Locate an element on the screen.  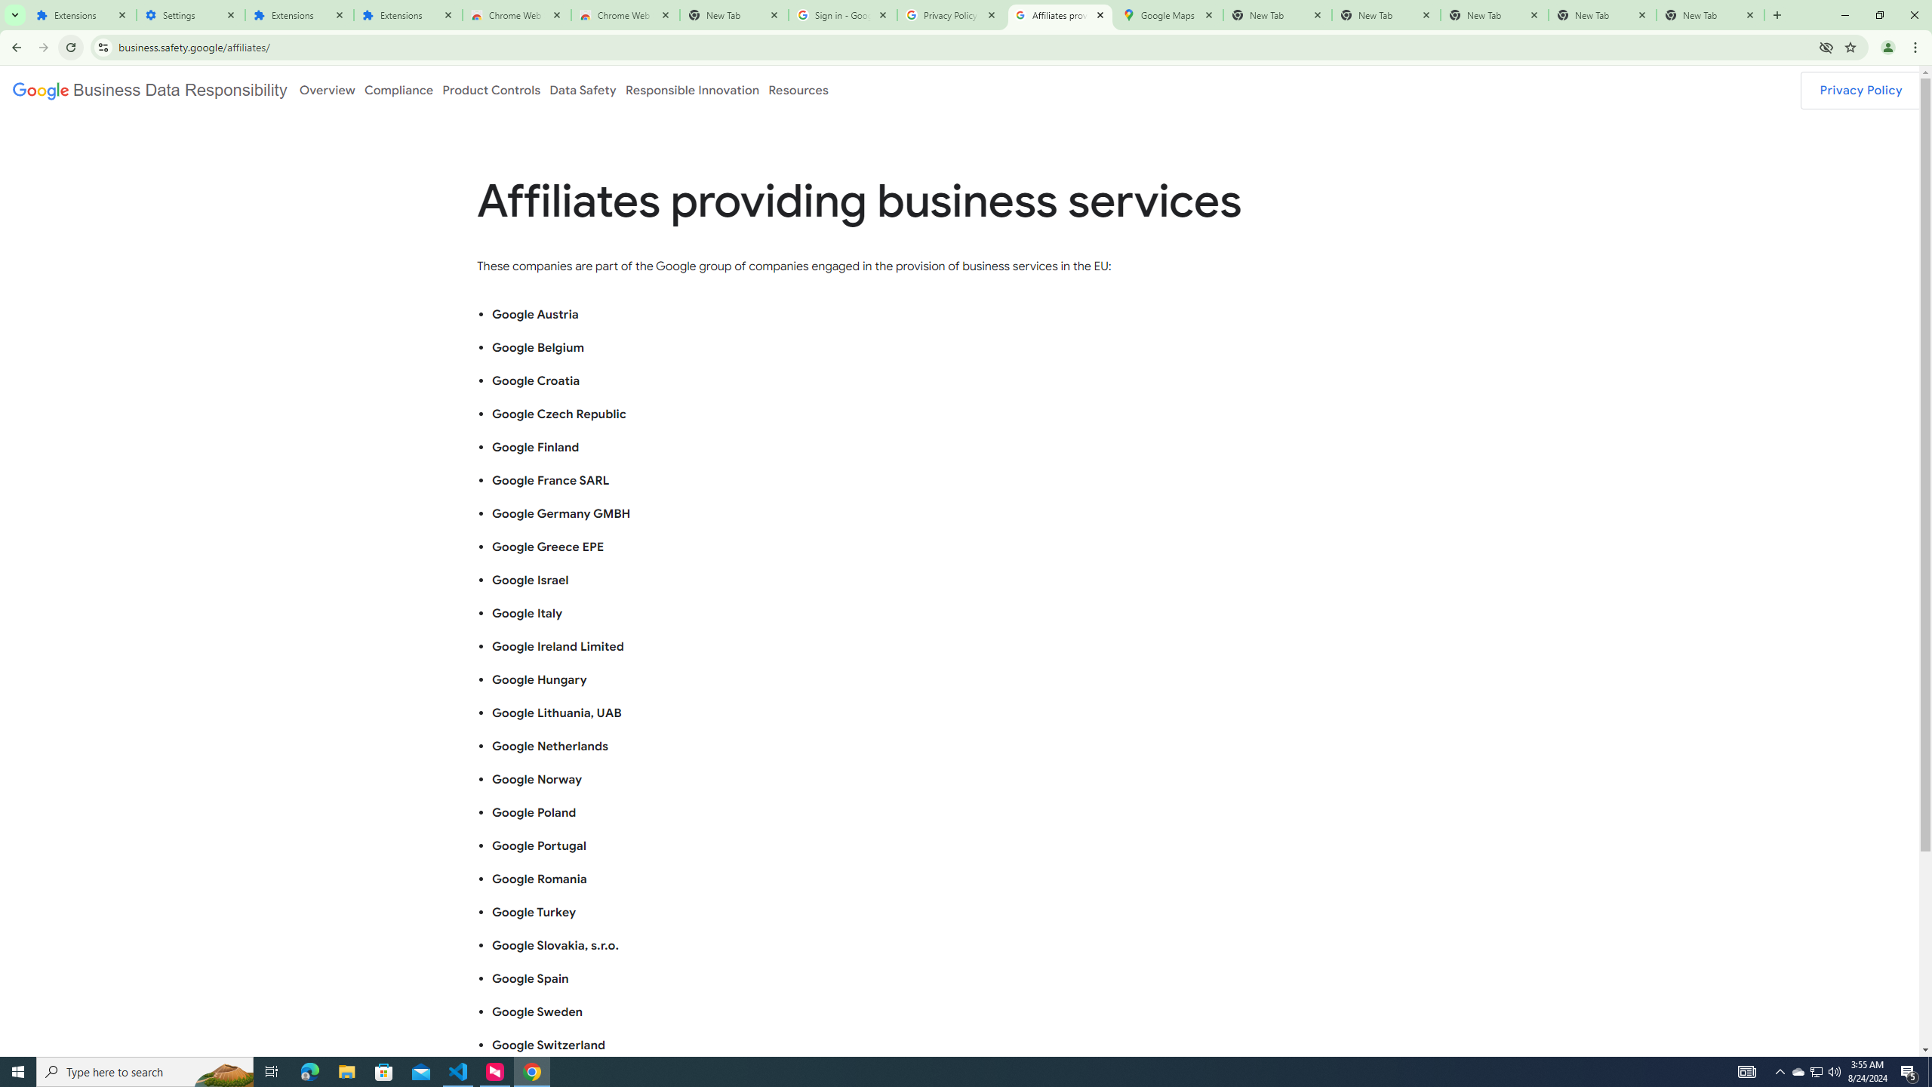
'Chrome Web Store' is located at coordinates (516, 14).